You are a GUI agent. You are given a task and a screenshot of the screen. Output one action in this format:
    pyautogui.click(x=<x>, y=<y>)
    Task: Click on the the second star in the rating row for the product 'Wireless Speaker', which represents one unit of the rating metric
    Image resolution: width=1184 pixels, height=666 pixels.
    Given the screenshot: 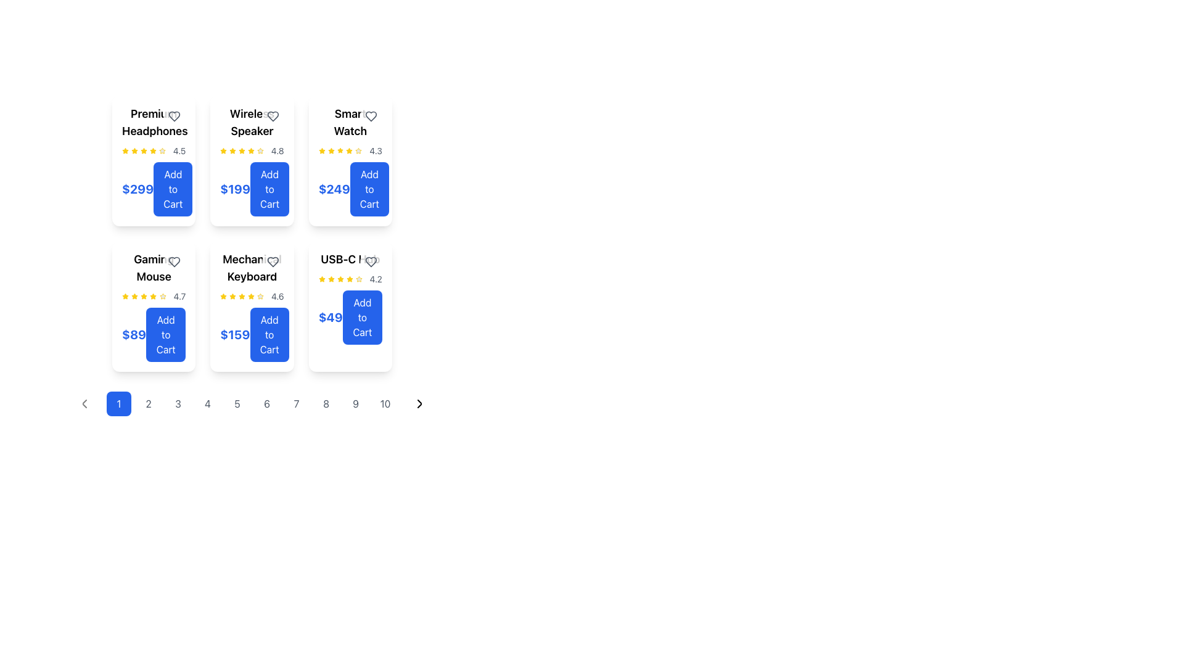 What is the action you would take?
    pyautogui.click(x=232, y=150)
    